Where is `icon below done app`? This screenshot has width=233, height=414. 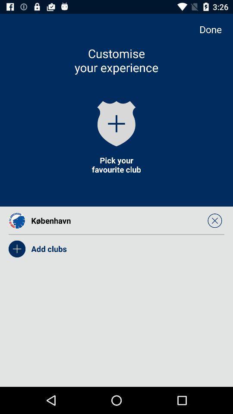
icon below done app is located at coordinates (214, 220).